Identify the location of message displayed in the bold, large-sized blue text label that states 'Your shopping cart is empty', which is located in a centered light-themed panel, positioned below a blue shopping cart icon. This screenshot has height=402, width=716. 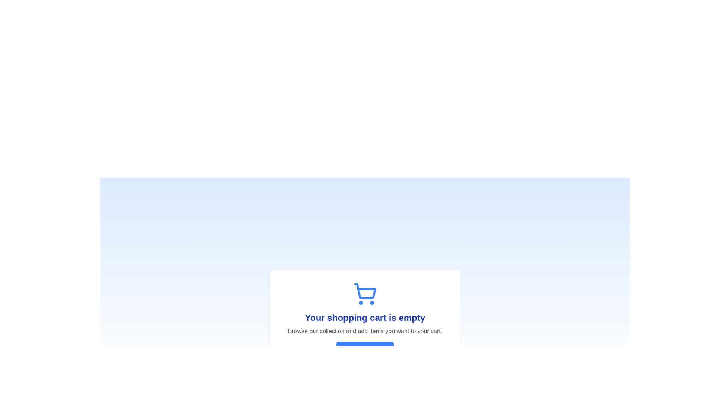
(365, 318).